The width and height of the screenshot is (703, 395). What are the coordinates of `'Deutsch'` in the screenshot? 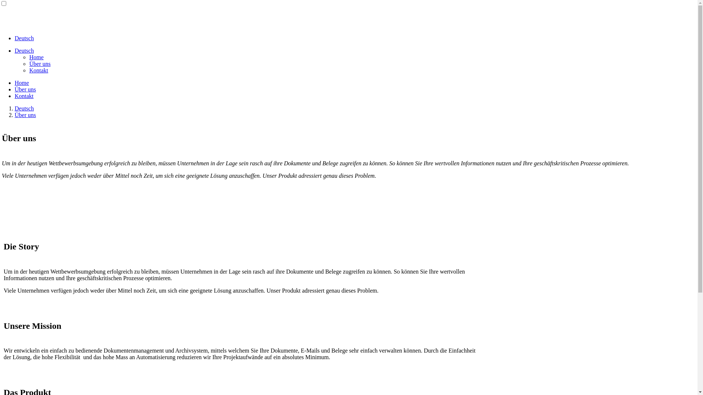 It's located at (24, 38).